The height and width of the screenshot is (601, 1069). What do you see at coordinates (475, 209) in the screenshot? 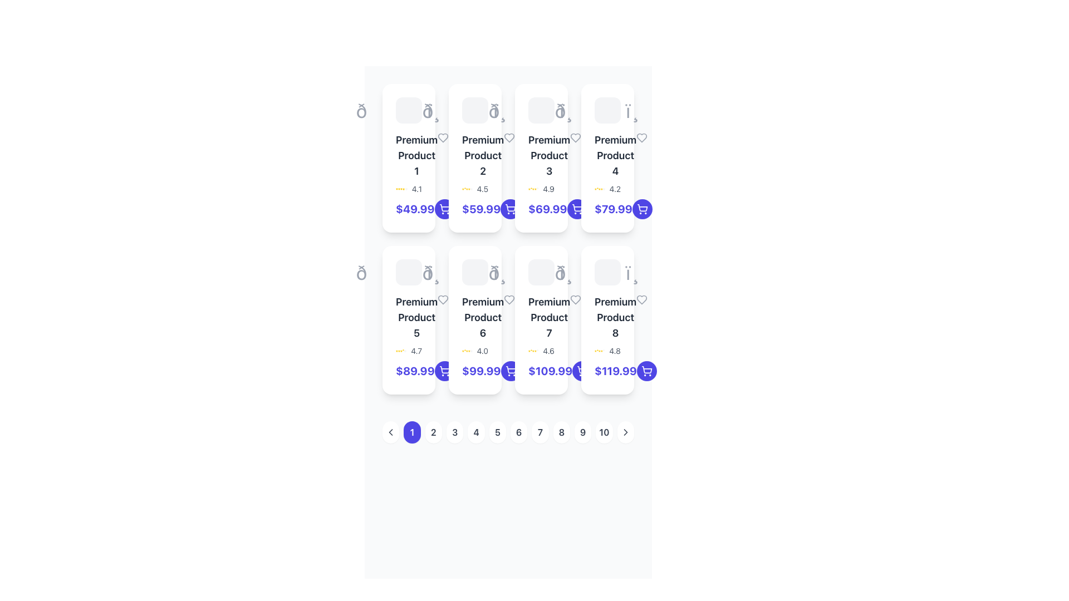
I see `the price display text located under the title 'Premium Product 2' in the second column of the first row of the product grid to read the price` at bounding box center [475, 209].